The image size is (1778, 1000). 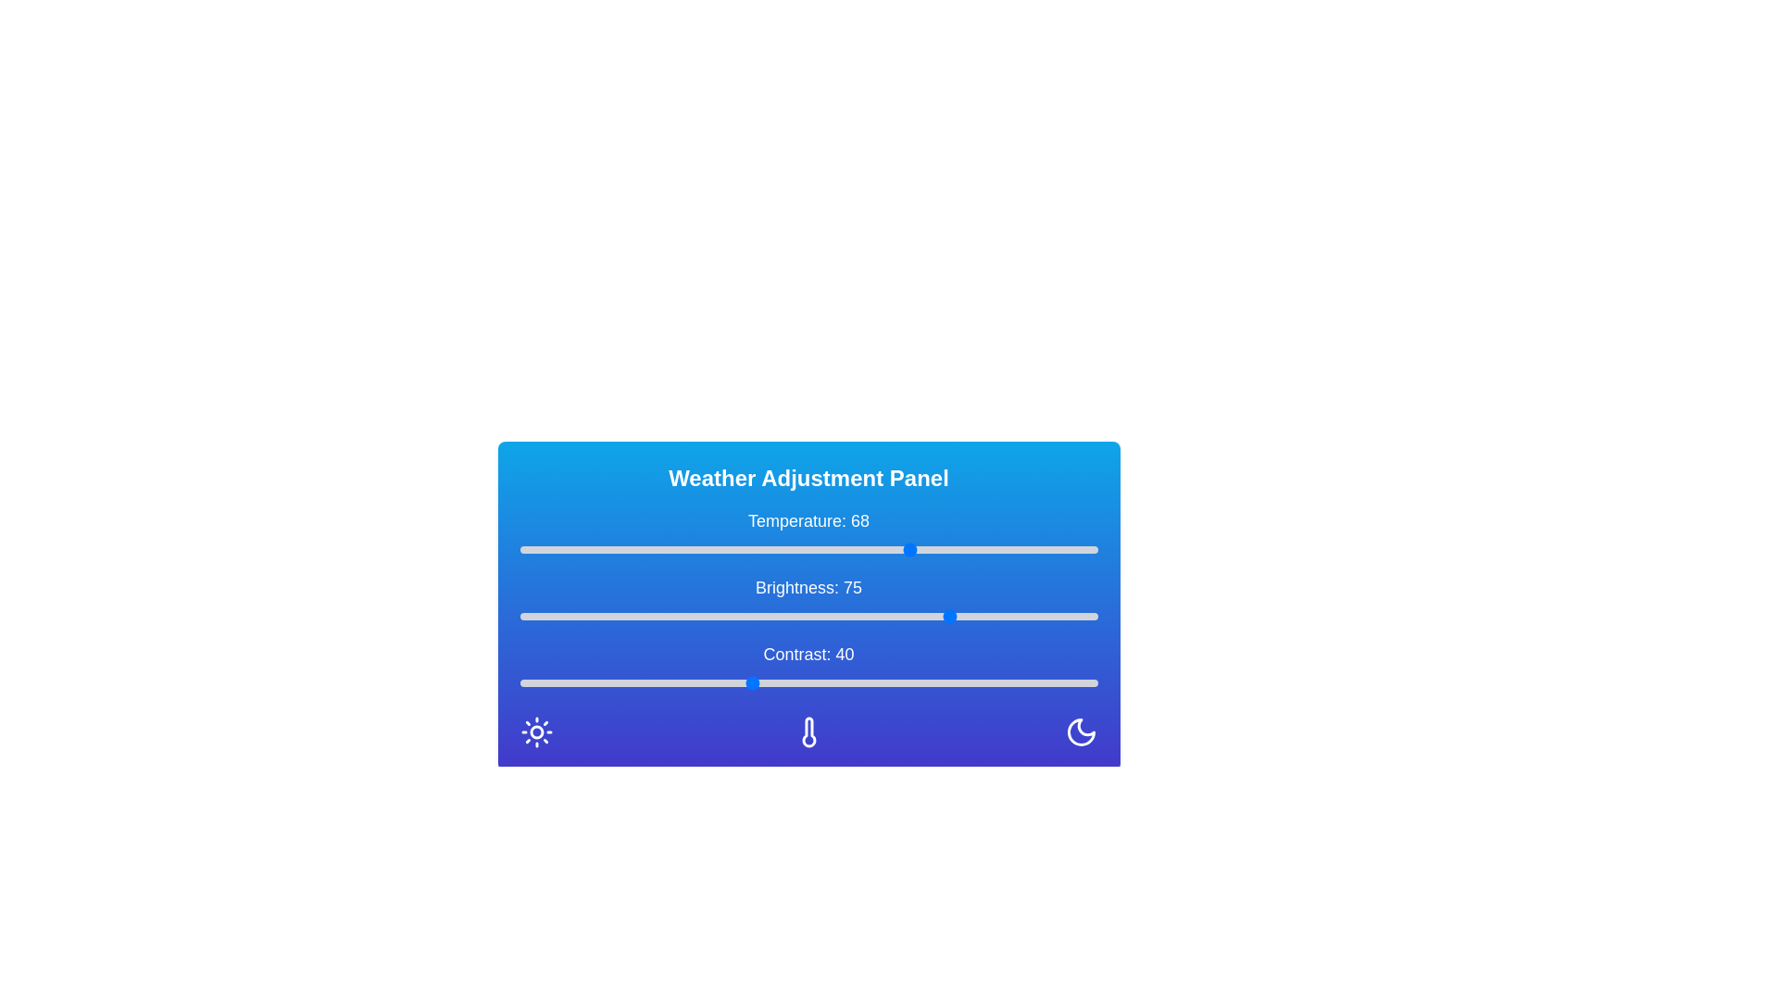 What do you see at coordinates (1080, 682) in the screenshot?
I see `the contrast slider to 97` at bounding box center [1080, 682].